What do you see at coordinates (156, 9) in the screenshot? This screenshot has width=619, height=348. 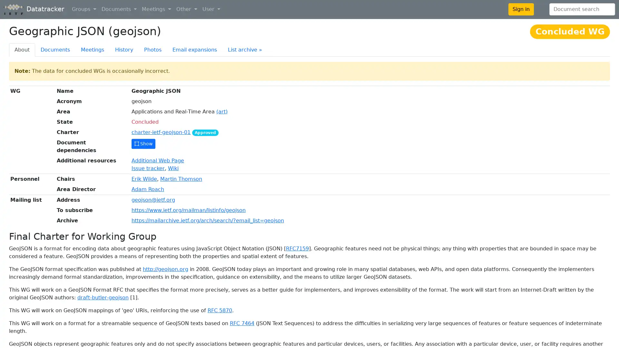 I see `Meetings` at bounding box center [156, 9].